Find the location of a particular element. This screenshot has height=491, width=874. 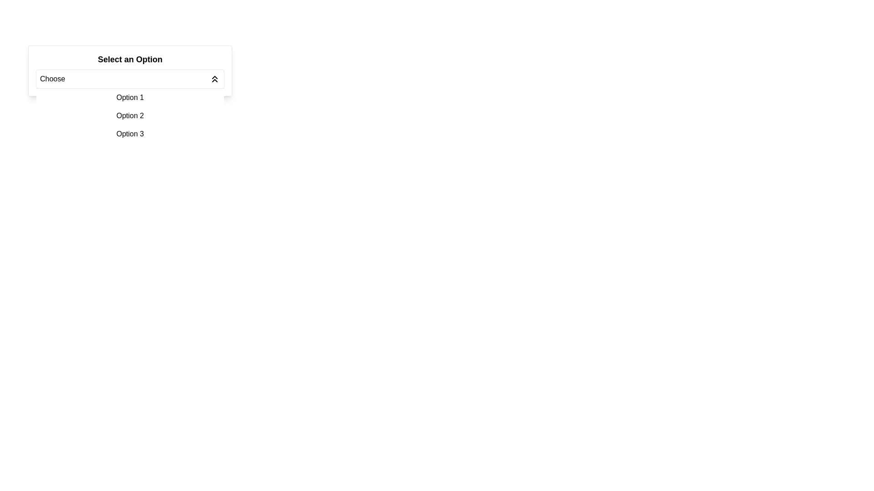

the selectable list item labeled 'Option 3' in the dropdown menu is located at coordinates (130, 134).